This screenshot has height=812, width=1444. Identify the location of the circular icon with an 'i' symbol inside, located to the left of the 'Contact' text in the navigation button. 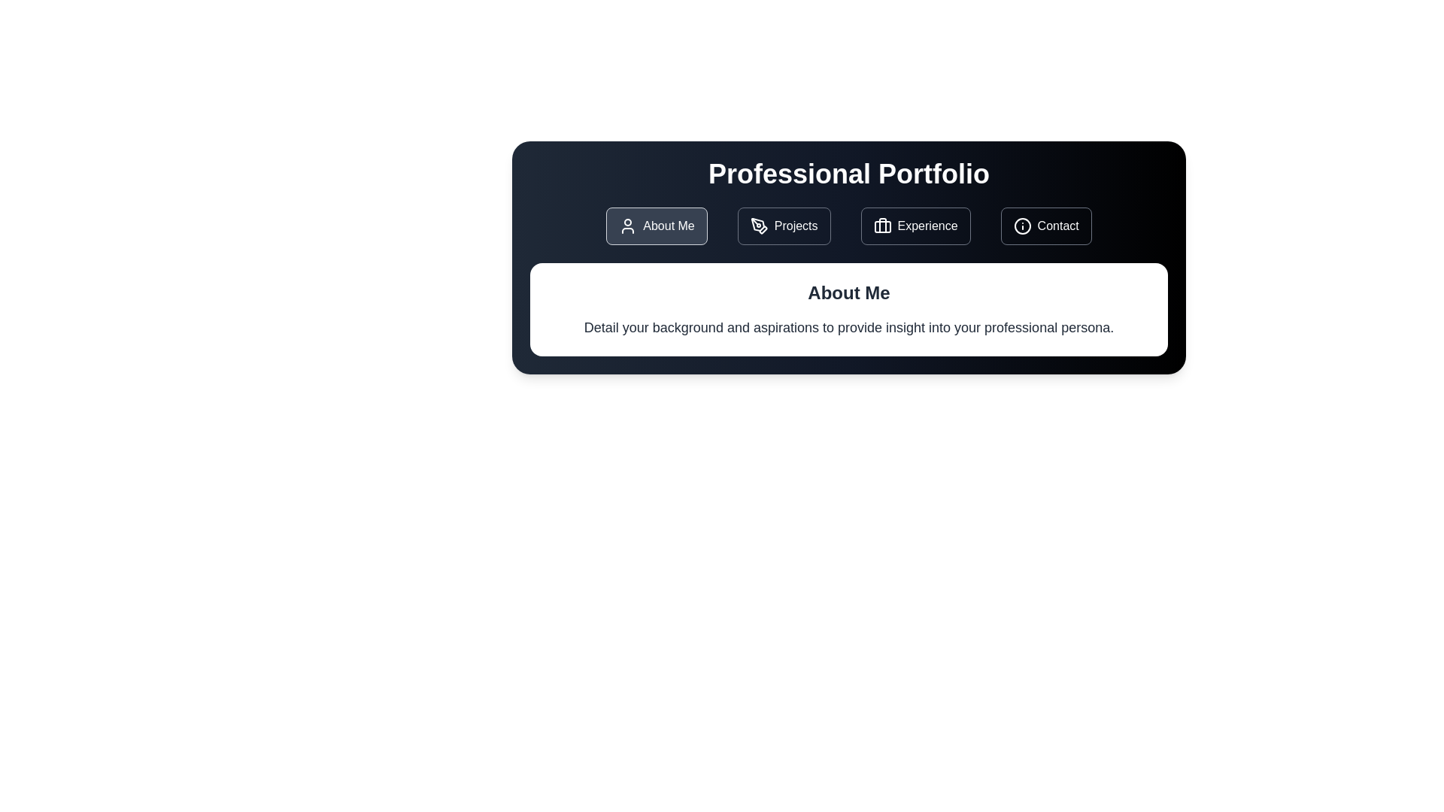
(1022, 226).